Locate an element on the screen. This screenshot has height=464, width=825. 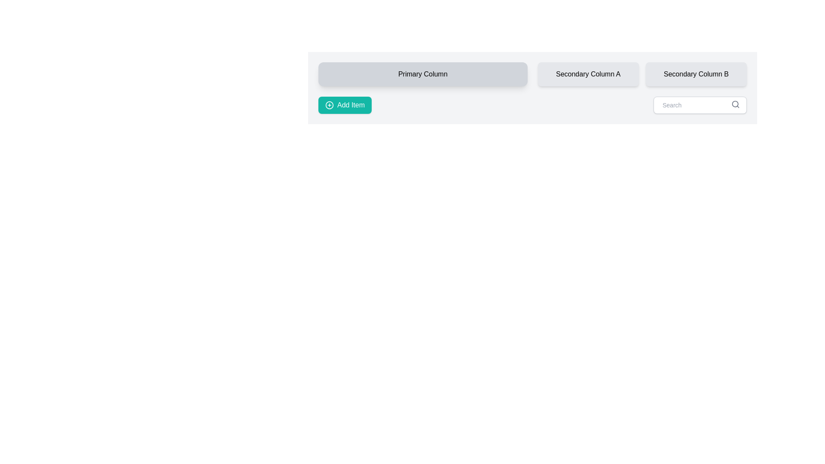
the icon located at the leftmost part of the 'Add Item' button to interact with it is located at coordinates (329, 105).